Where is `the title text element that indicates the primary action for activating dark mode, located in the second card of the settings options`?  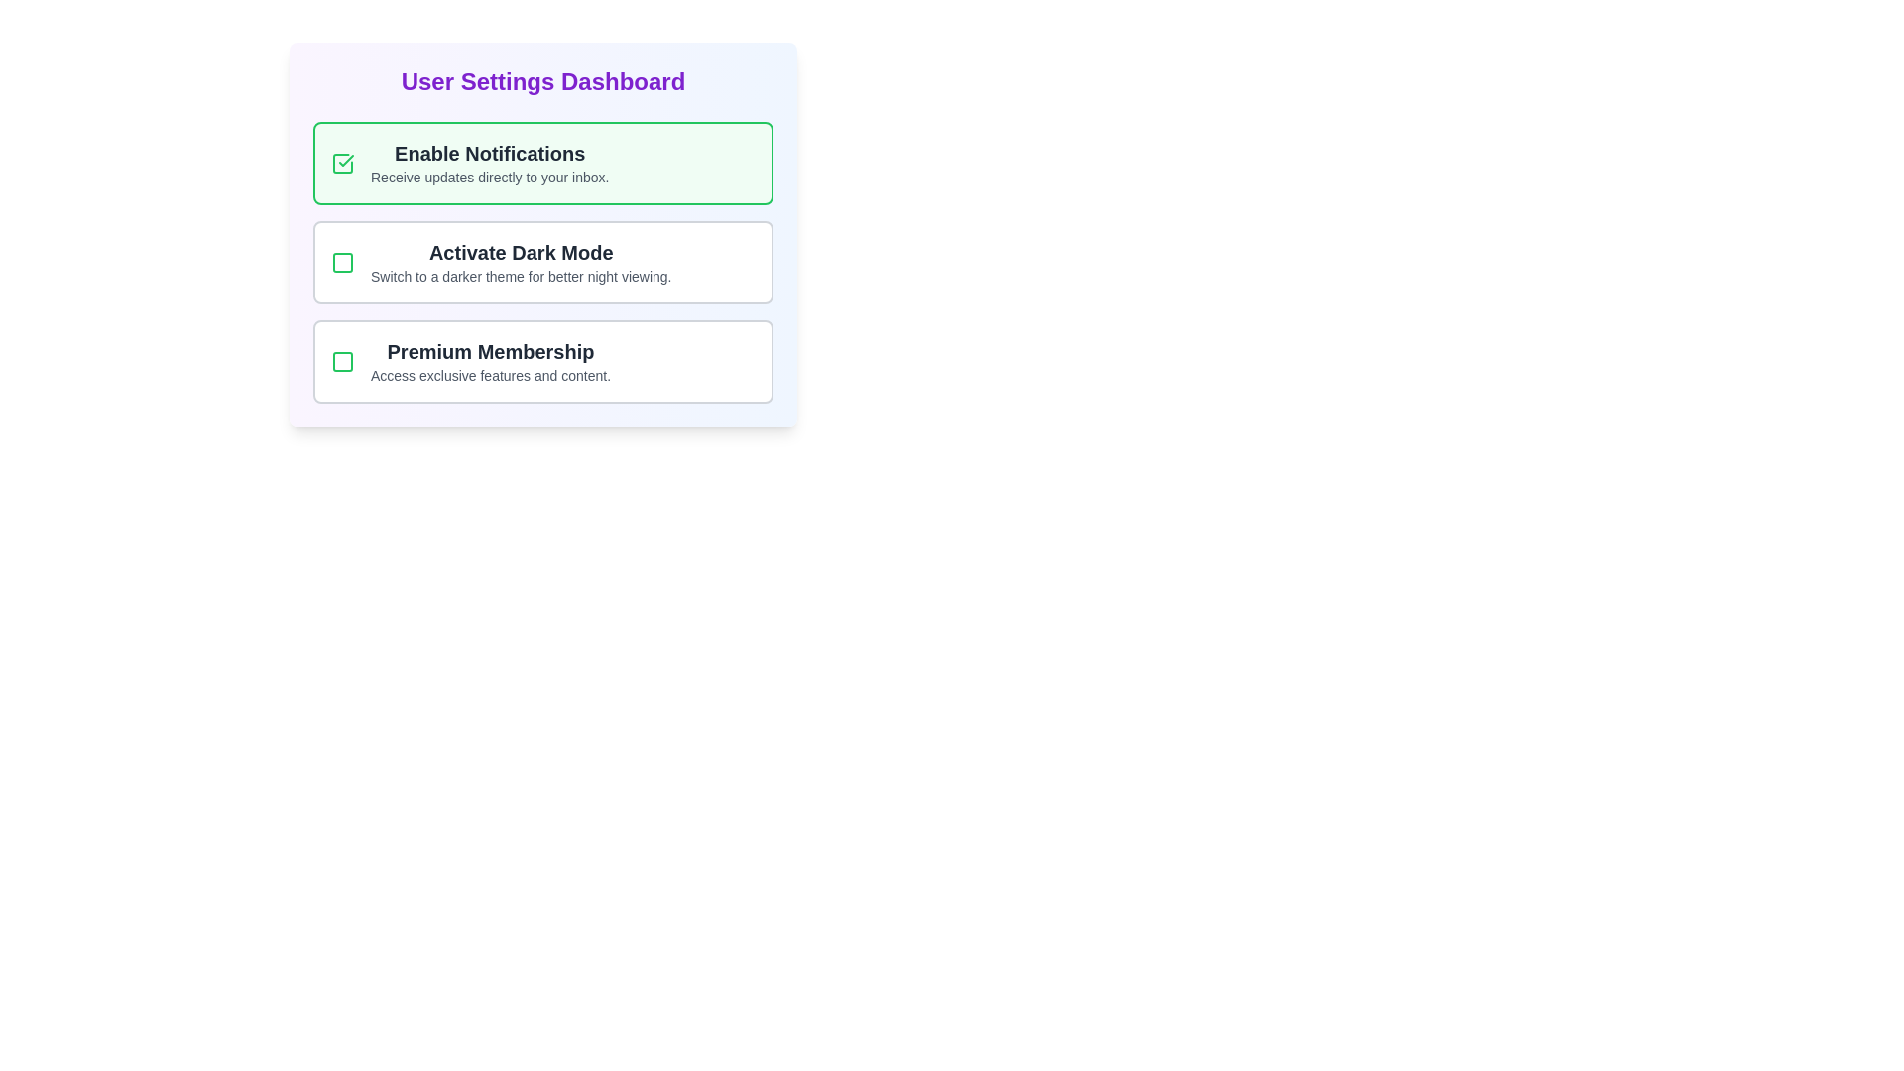 the title text element that indicates the primary action for activating dark mode, located in the second card of the settings options is located at coordinates (521, 251).